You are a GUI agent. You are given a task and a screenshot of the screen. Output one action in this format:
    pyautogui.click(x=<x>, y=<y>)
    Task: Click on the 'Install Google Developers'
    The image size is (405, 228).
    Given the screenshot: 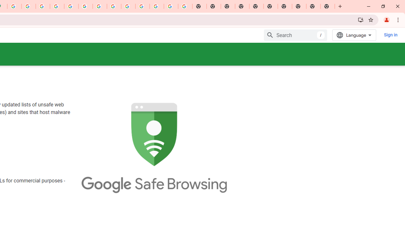 What is the action you would take?
    pyautogui.click(x=360, y=19)
    